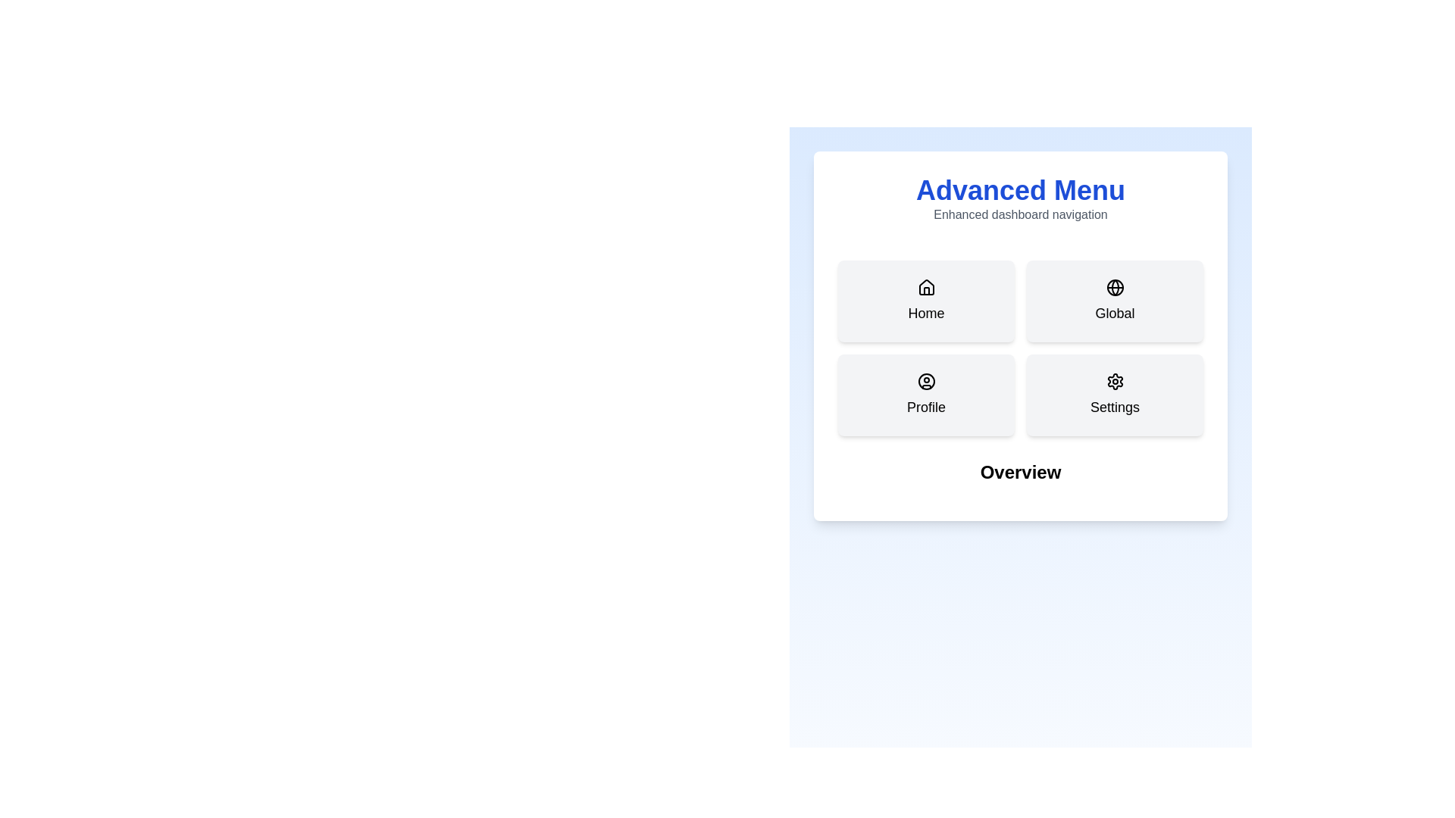  What do you see at coordinates (1115, 301) in the screenshot?
I see `the tab button labeled Global to select it` at bounding box center [1115, 301].